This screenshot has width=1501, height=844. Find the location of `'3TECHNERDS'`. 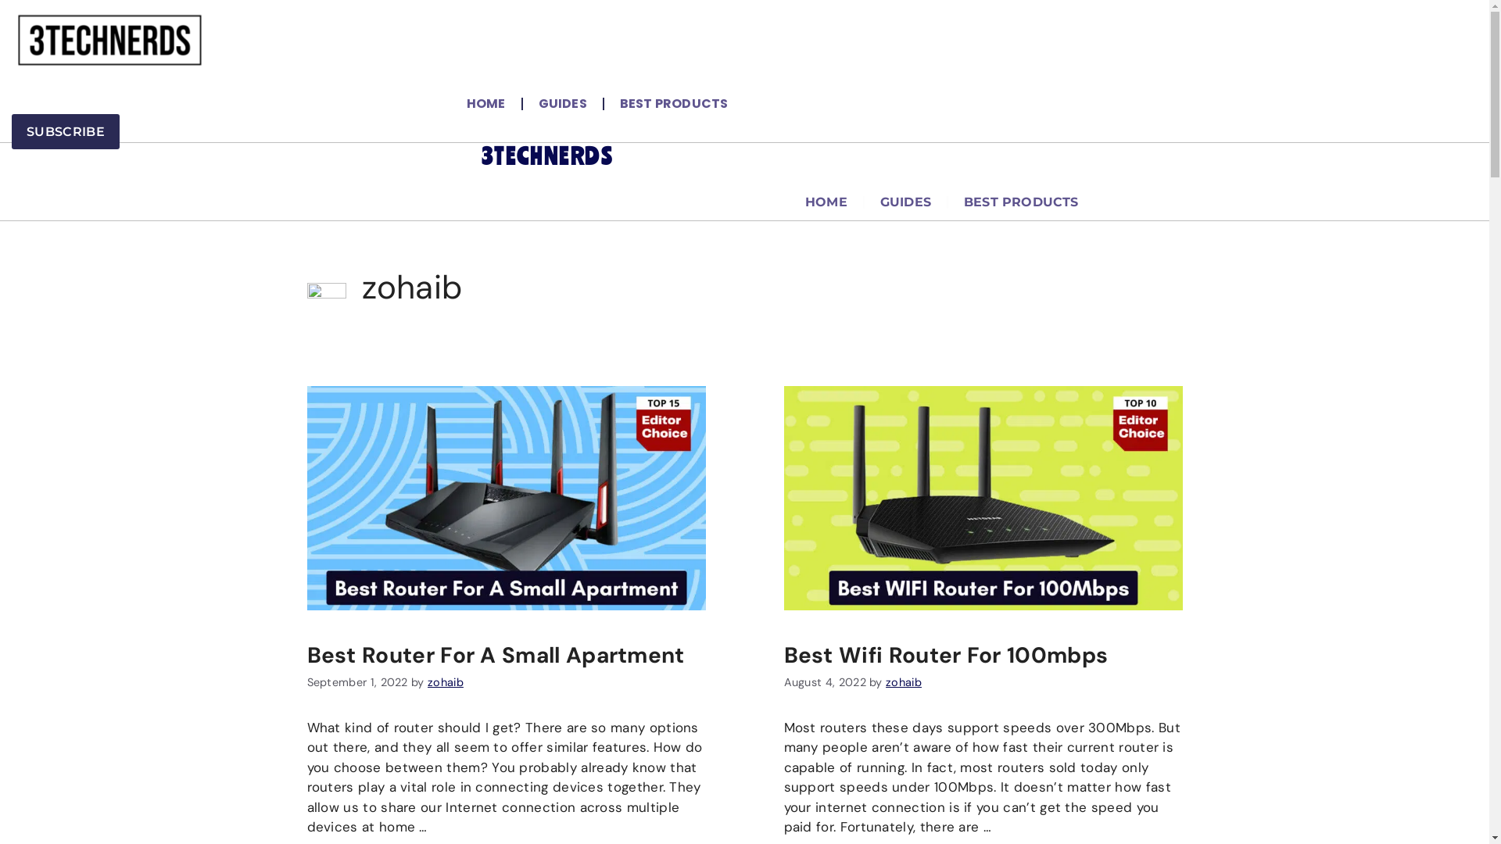

'3TECHNERDS' is located at coordinates (480, 156).